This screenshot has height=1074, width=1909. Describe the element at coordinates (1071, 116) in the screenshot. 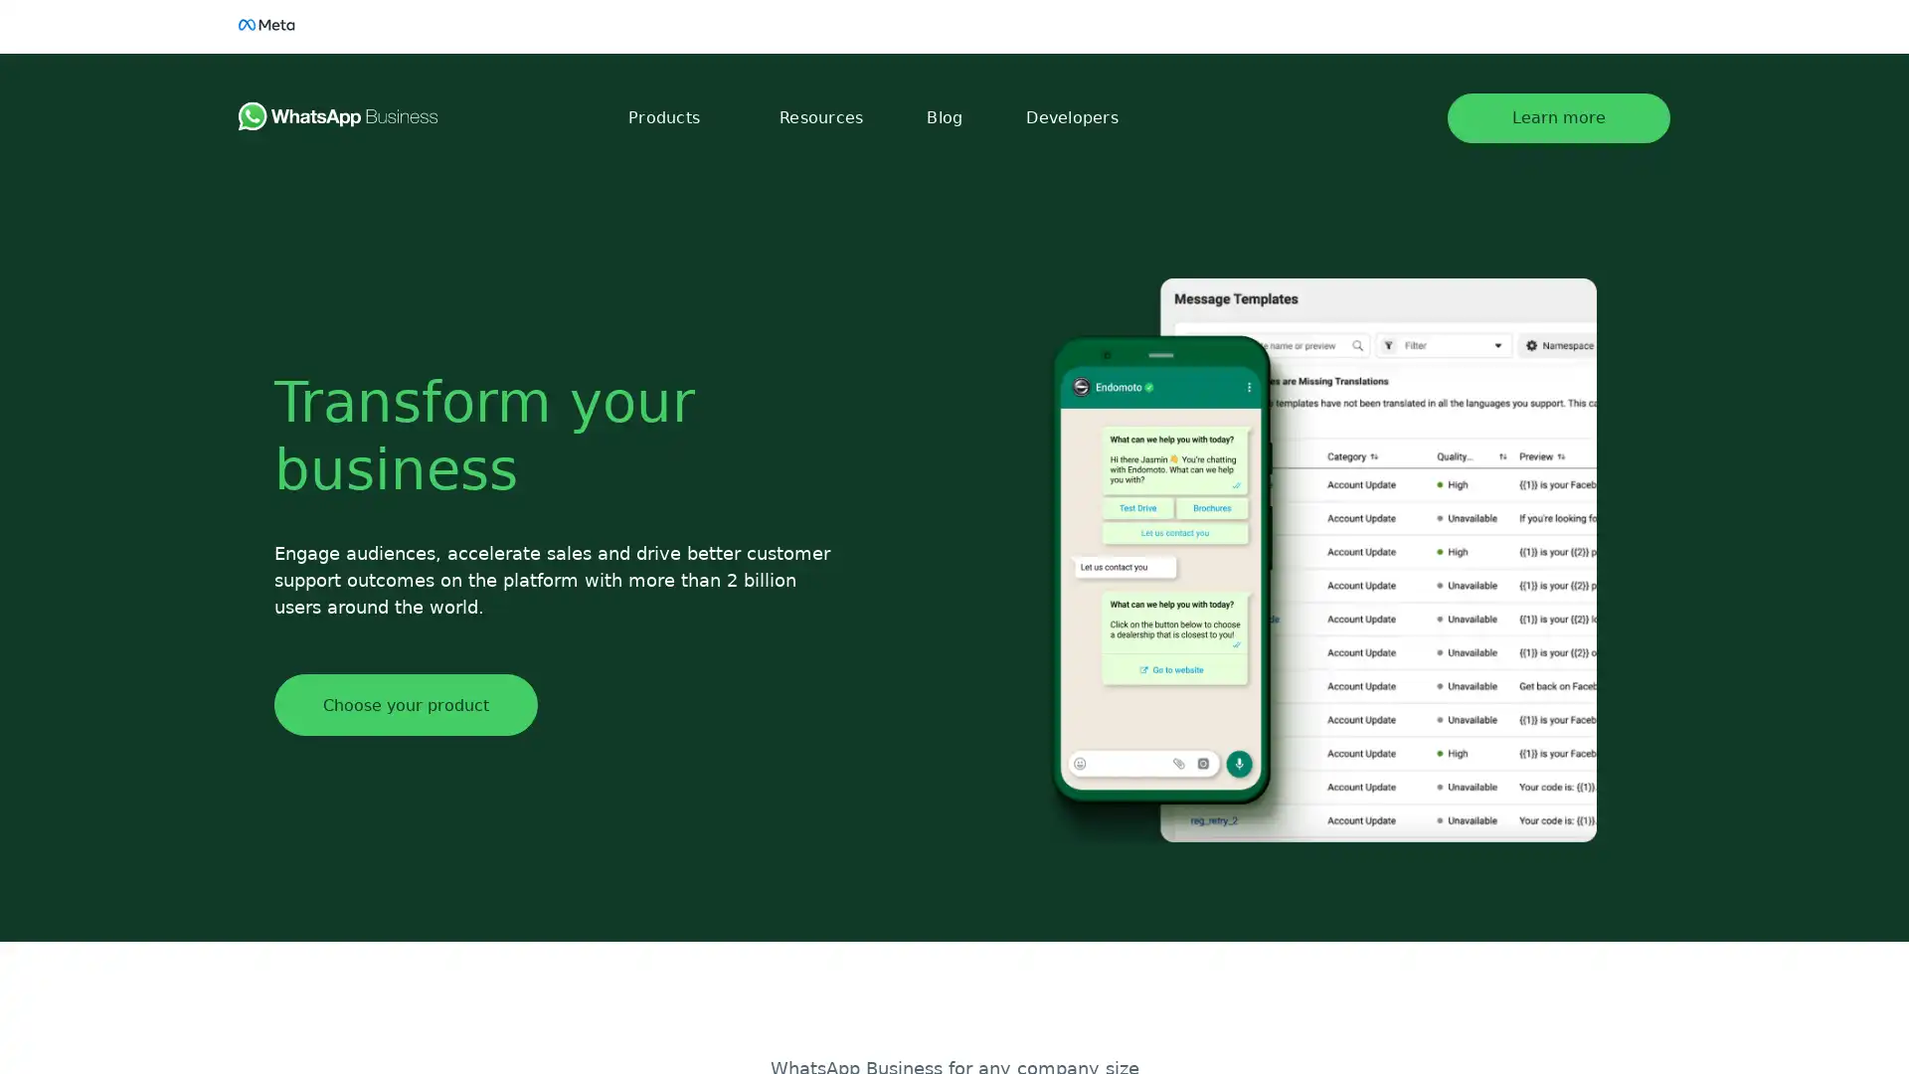

I see `Developers` at that location.